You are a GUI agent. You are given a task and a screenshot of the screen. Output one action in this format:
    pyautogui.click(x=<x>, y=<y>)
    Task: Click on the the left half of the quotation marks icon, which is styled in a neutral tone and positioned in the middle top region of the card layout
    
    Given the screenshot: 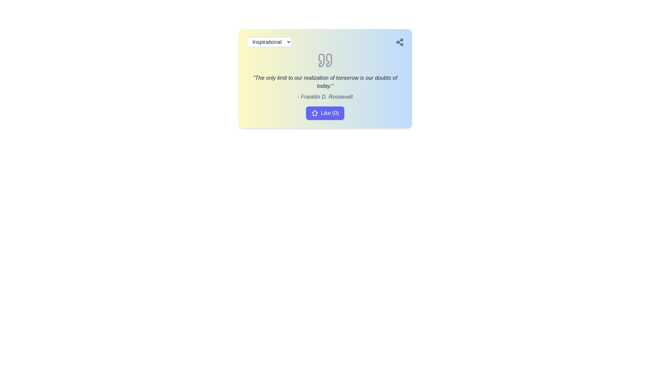 What is the action you would take?
    pyautogui.click(x=321, y=60)
    